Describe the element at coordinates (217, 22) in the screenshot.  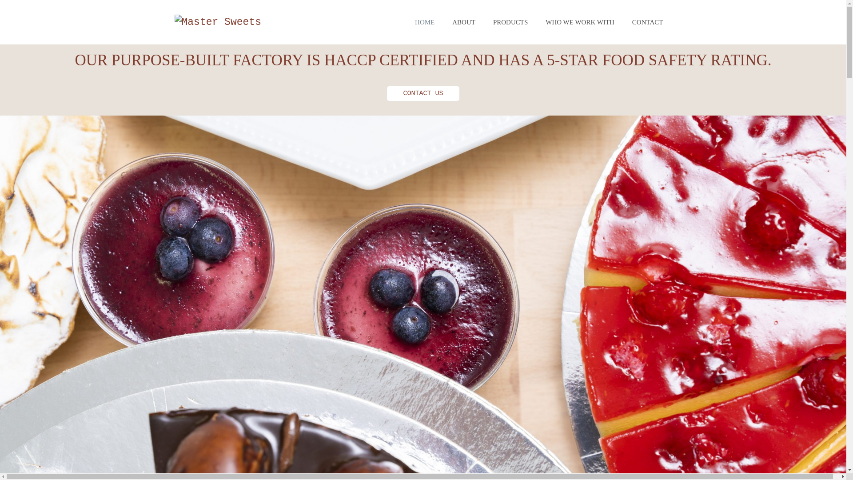
I see `'Master Sweets'` at that location.